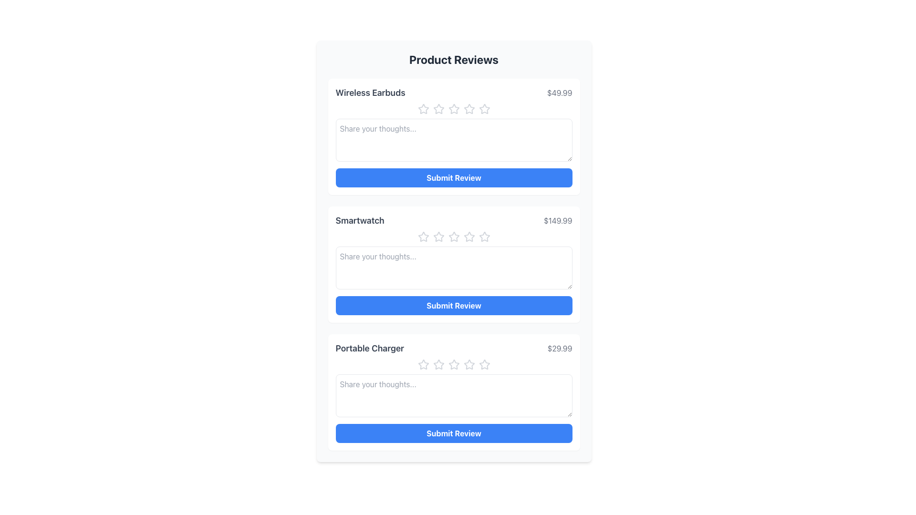 The height and width of the screenshot is (515, 916). I want to click on the 5th star icon in the rating group under the 'Smartwatch' section, so click(484, 237).